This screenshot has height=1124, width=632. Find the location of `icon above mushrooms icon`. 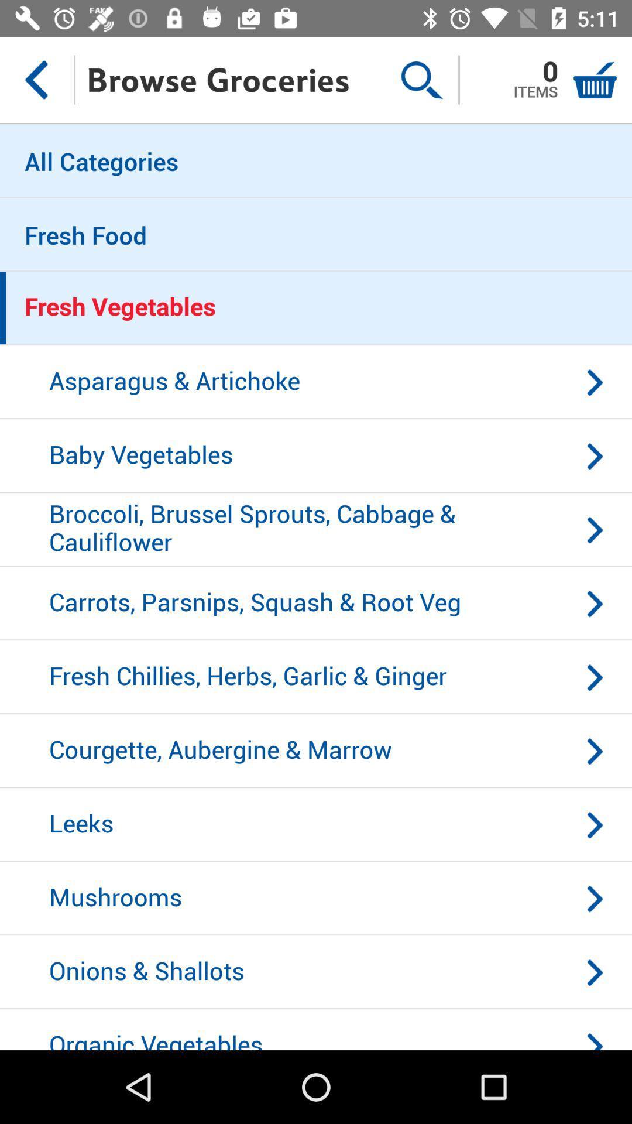

icon above mushrooms icon is located at coordinates (316, 824).